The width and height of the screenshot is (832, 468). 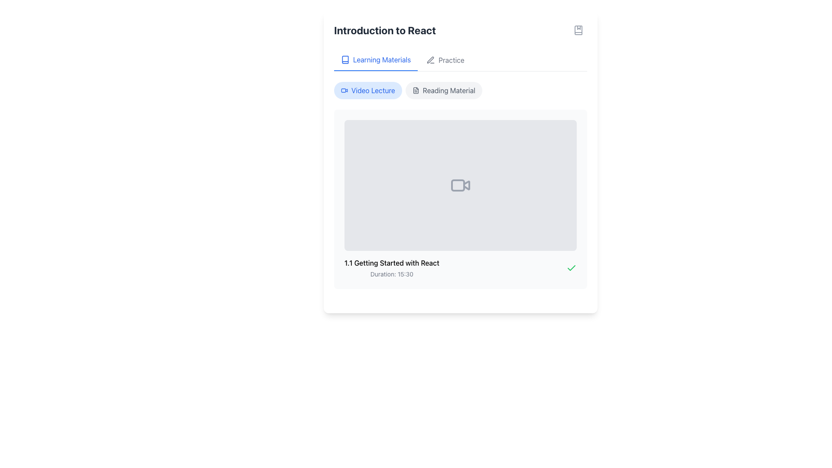 I want to click on the informative text block displaying the title '1.1 Getting Started with React' and the supplementary information 'Duration: 15:30', located below the video thumbnail in the 'Introduction to React' section, so click(x=391, y=267).